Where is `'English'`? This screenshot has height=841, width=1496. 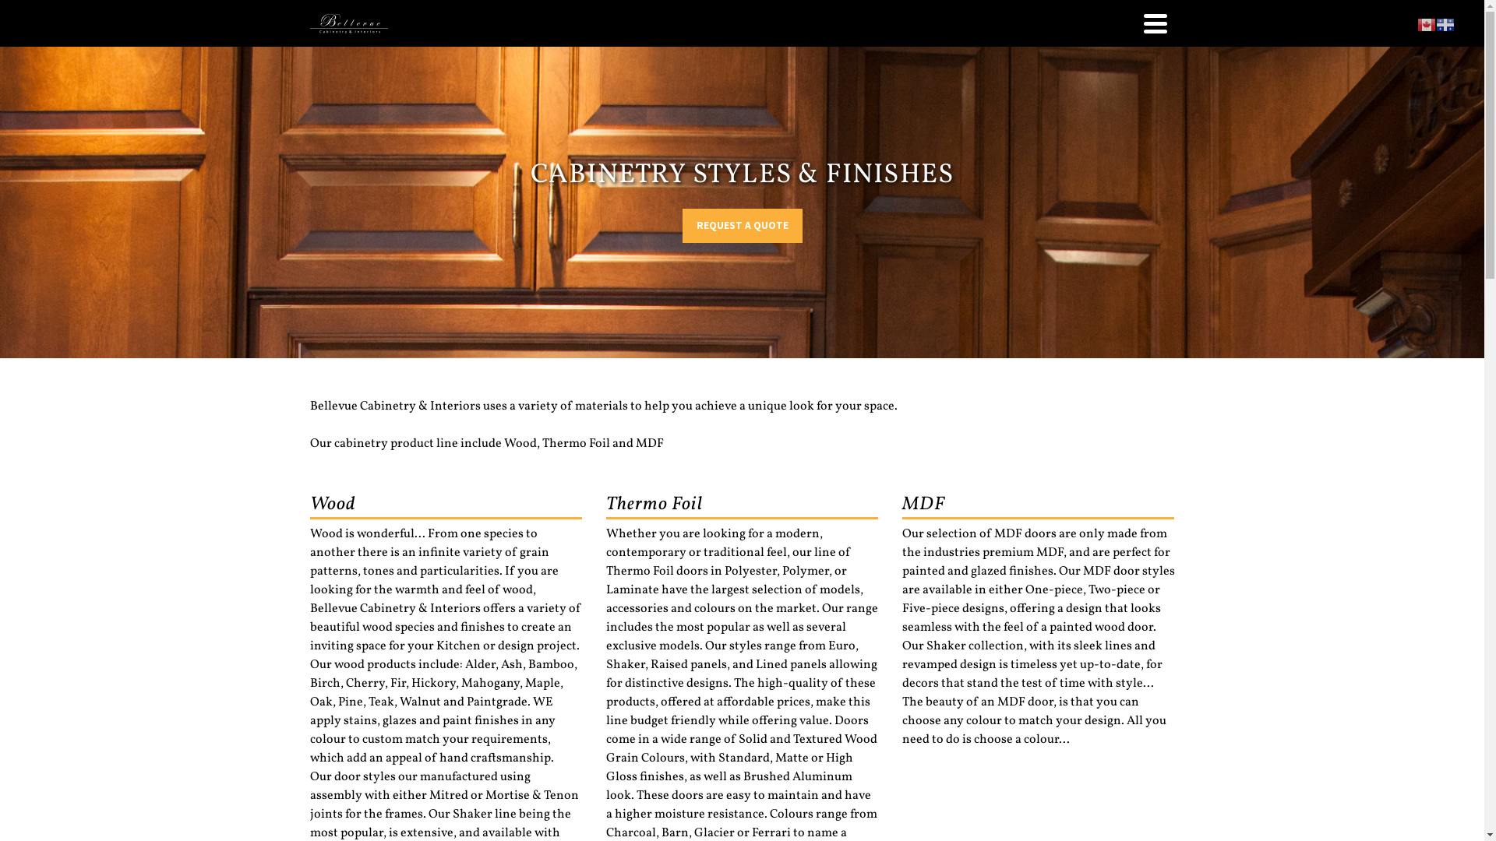
'English' is located at coordinates (1426, 24).